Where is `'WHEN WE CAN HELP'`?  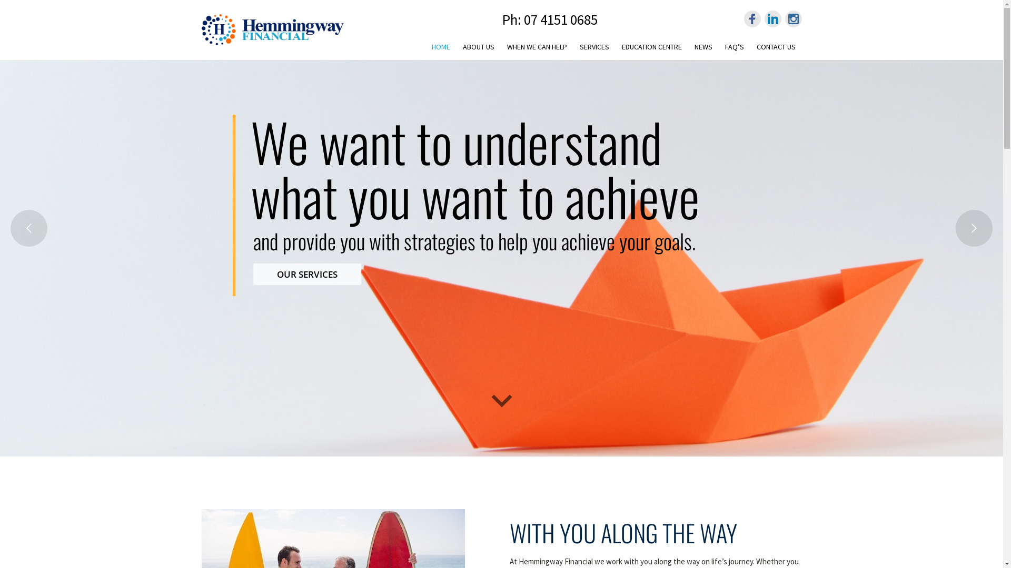
'WHEN WE CAN HELP' is located at coordinates (536, 44).